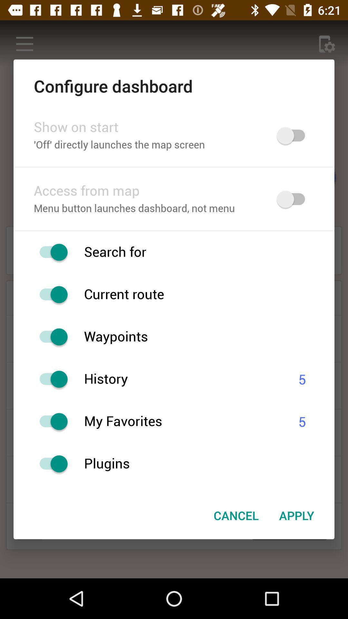 Image resolution: width=348 pixels, height=619 pixels. I want to click on dashboard map access, so click(294, 199).